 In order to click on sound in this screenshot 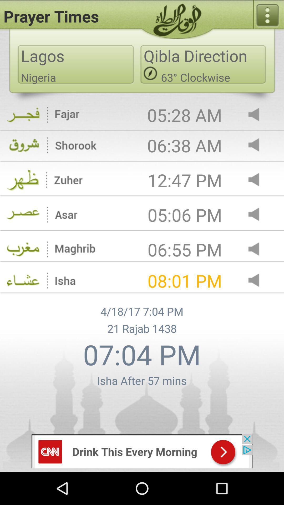, I will do `click(258, 249)`.